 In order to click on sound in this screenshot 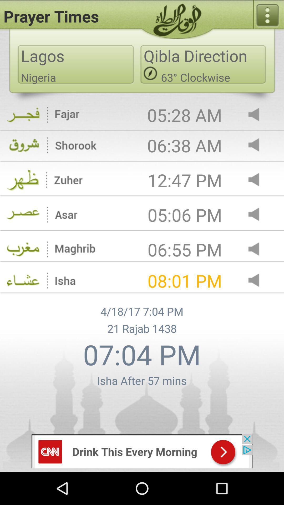, I will do `click(258, 249)`.